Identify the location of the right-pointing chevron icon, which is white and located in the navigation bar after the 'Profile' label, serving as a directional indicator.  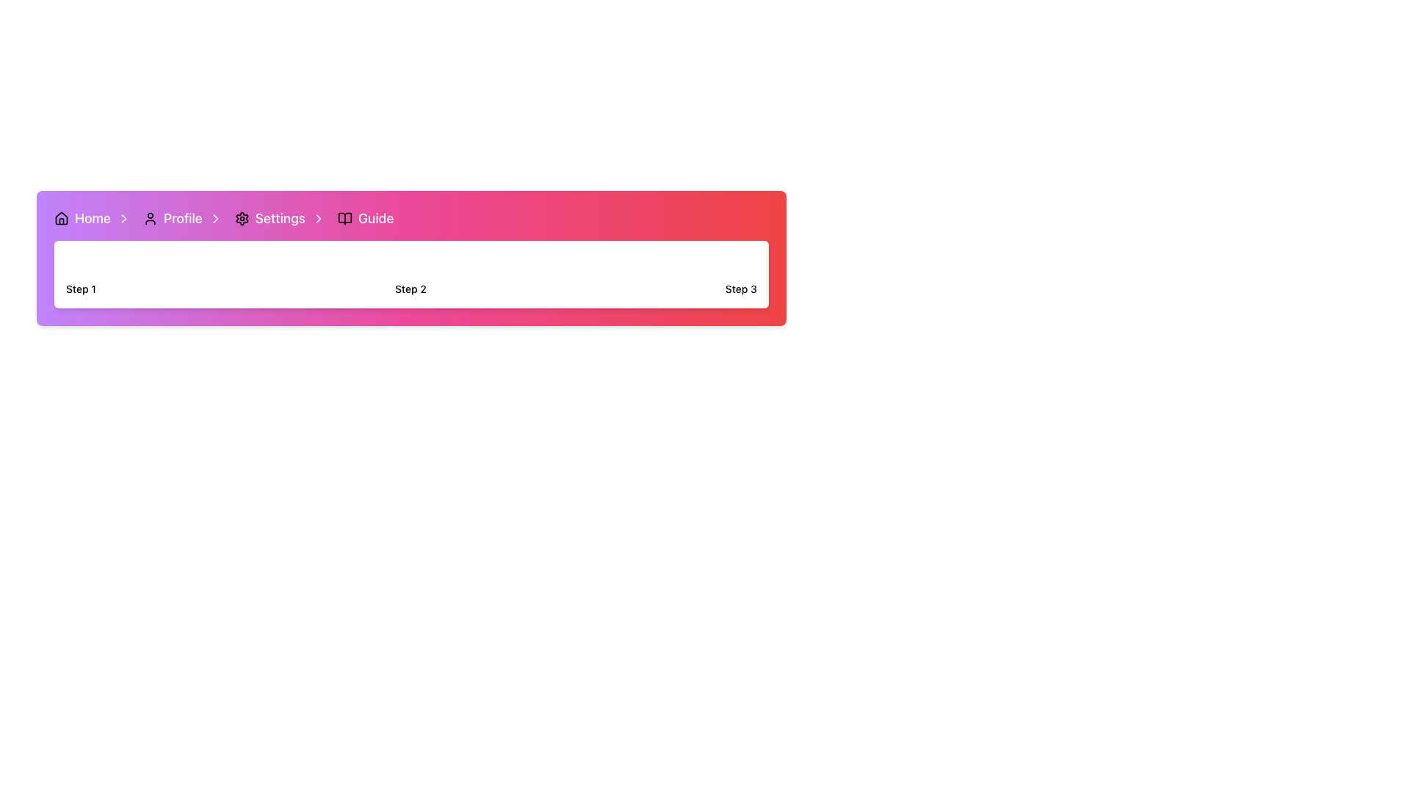
(214, 218).